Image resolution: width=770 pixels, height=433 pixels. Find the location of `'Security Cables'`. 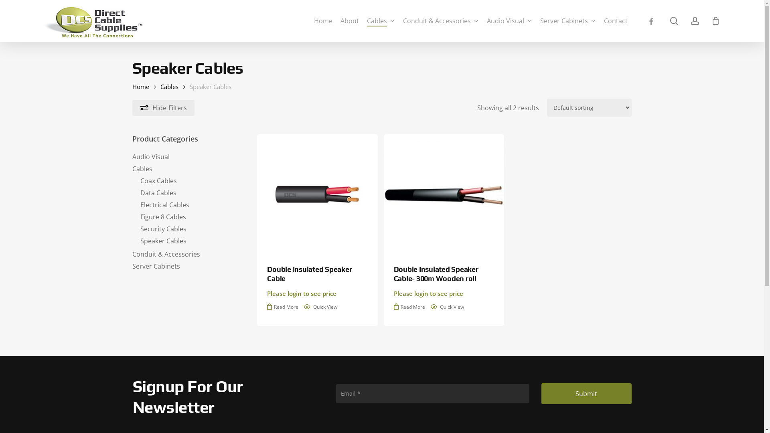

'Security Cables' is located at coordinates (188, 229).